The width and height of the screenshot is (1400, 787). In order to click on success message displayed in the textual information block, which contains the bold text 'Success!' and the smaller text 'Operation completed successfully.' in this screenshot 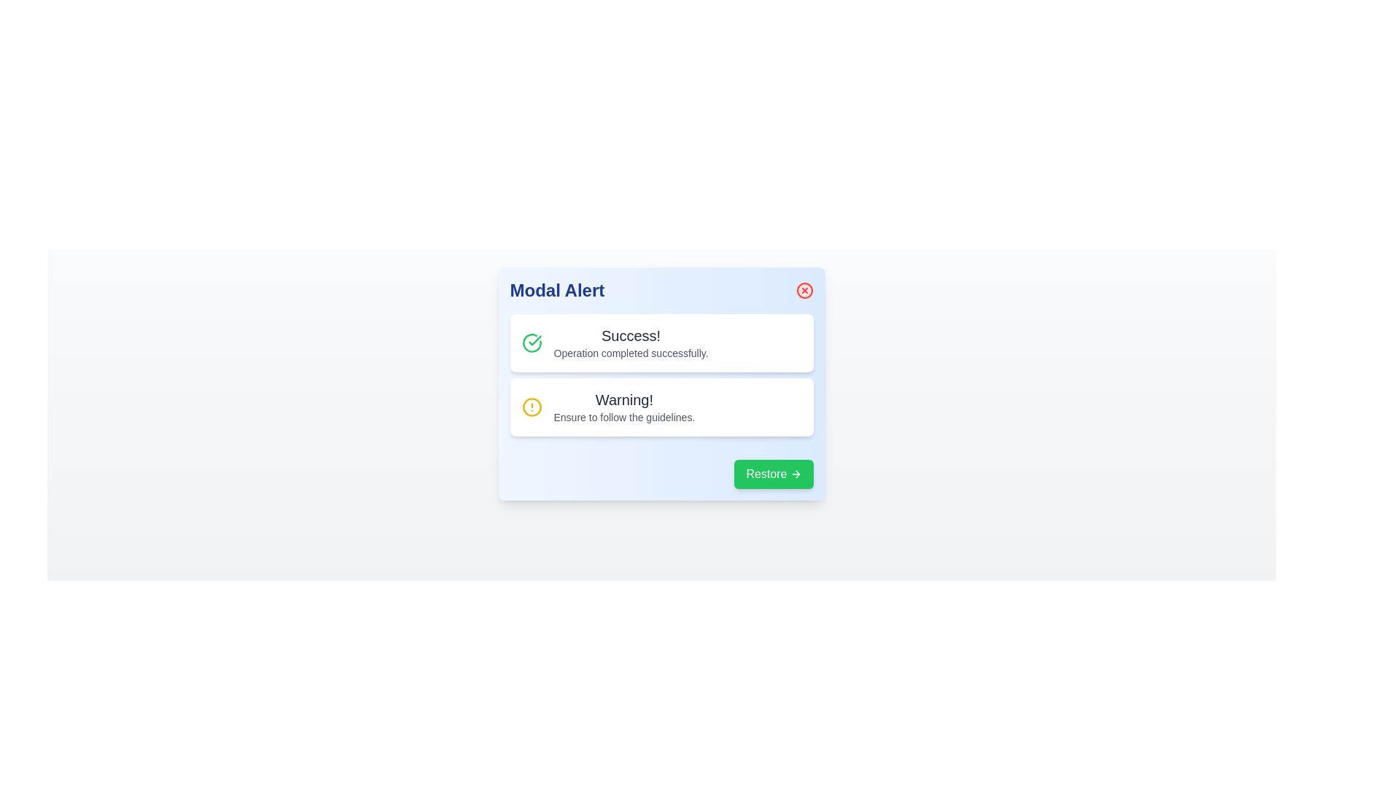, I will do `click(631, 342)`.